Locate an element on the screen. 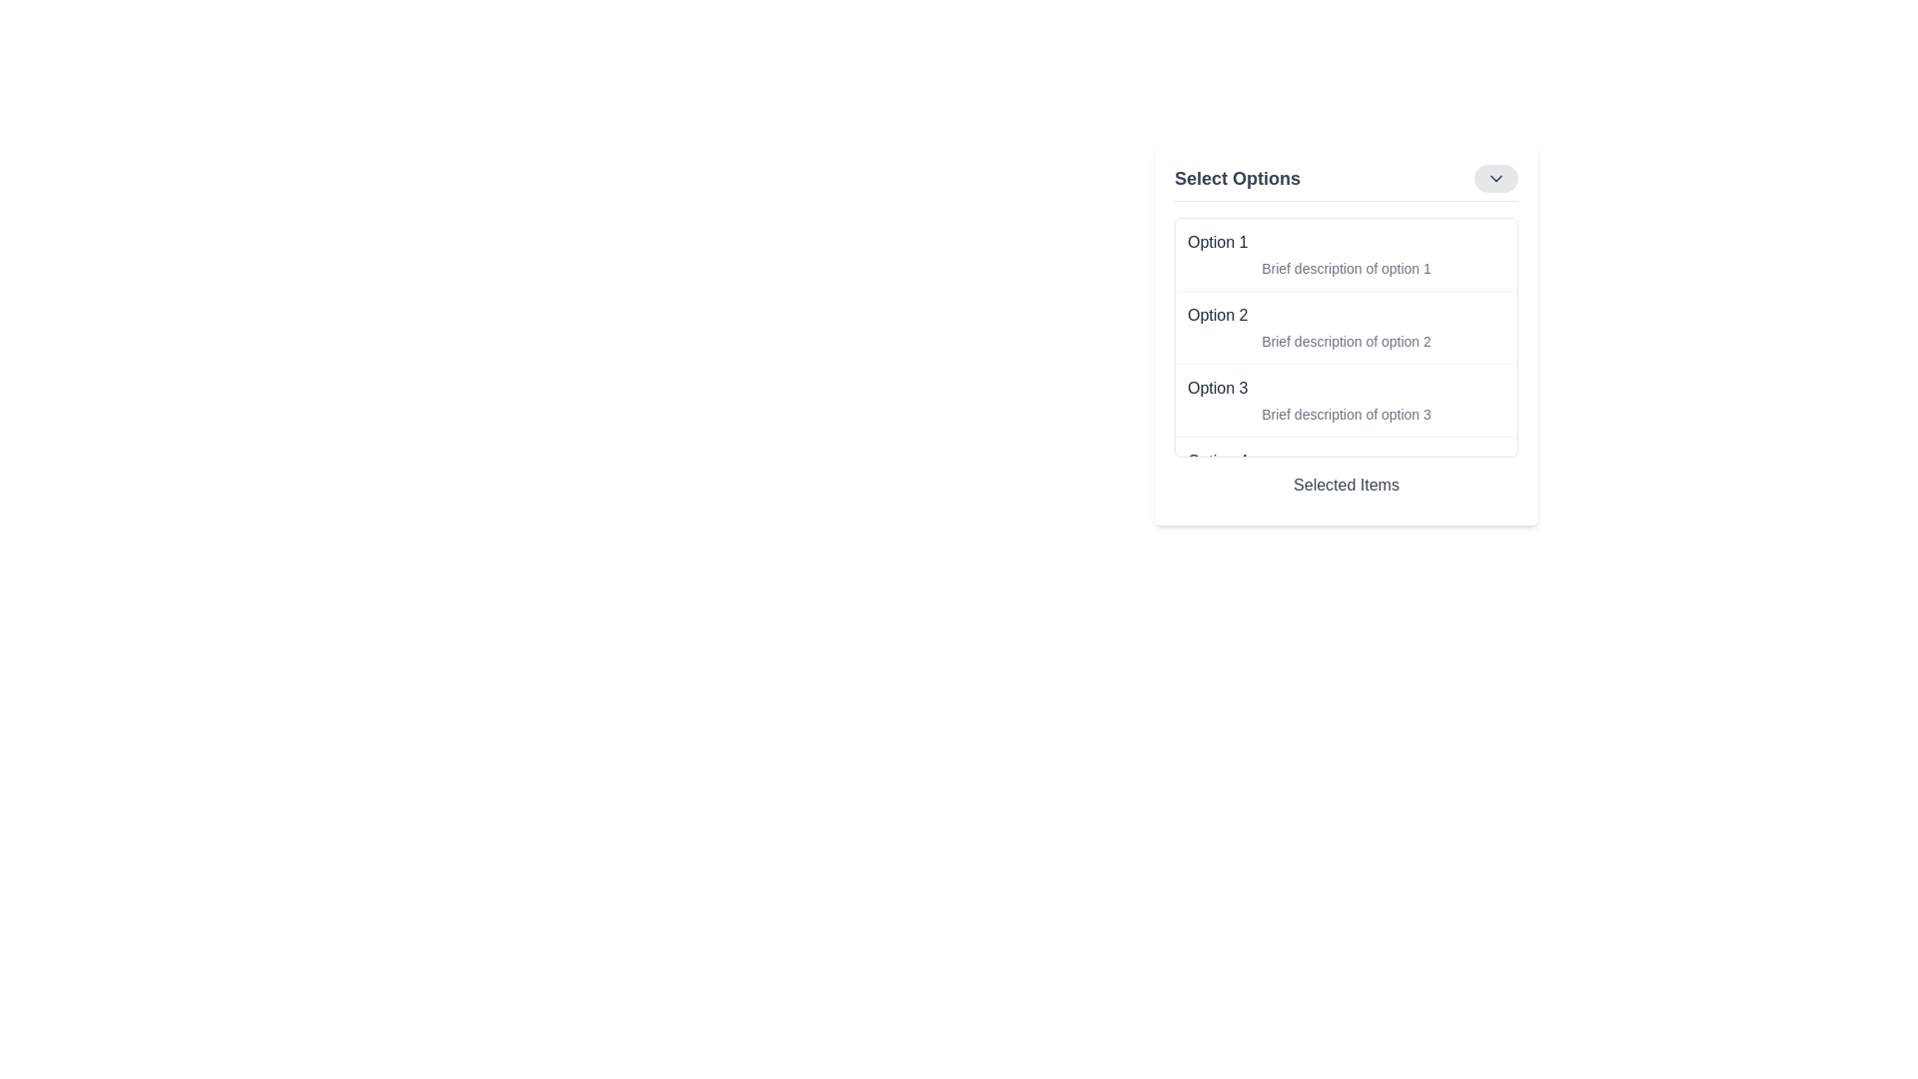  the static text label for the third item in the list under 'Select Options', positioned between 'Option 2' and 'Option 4' is located at coordinates (1217, 389).